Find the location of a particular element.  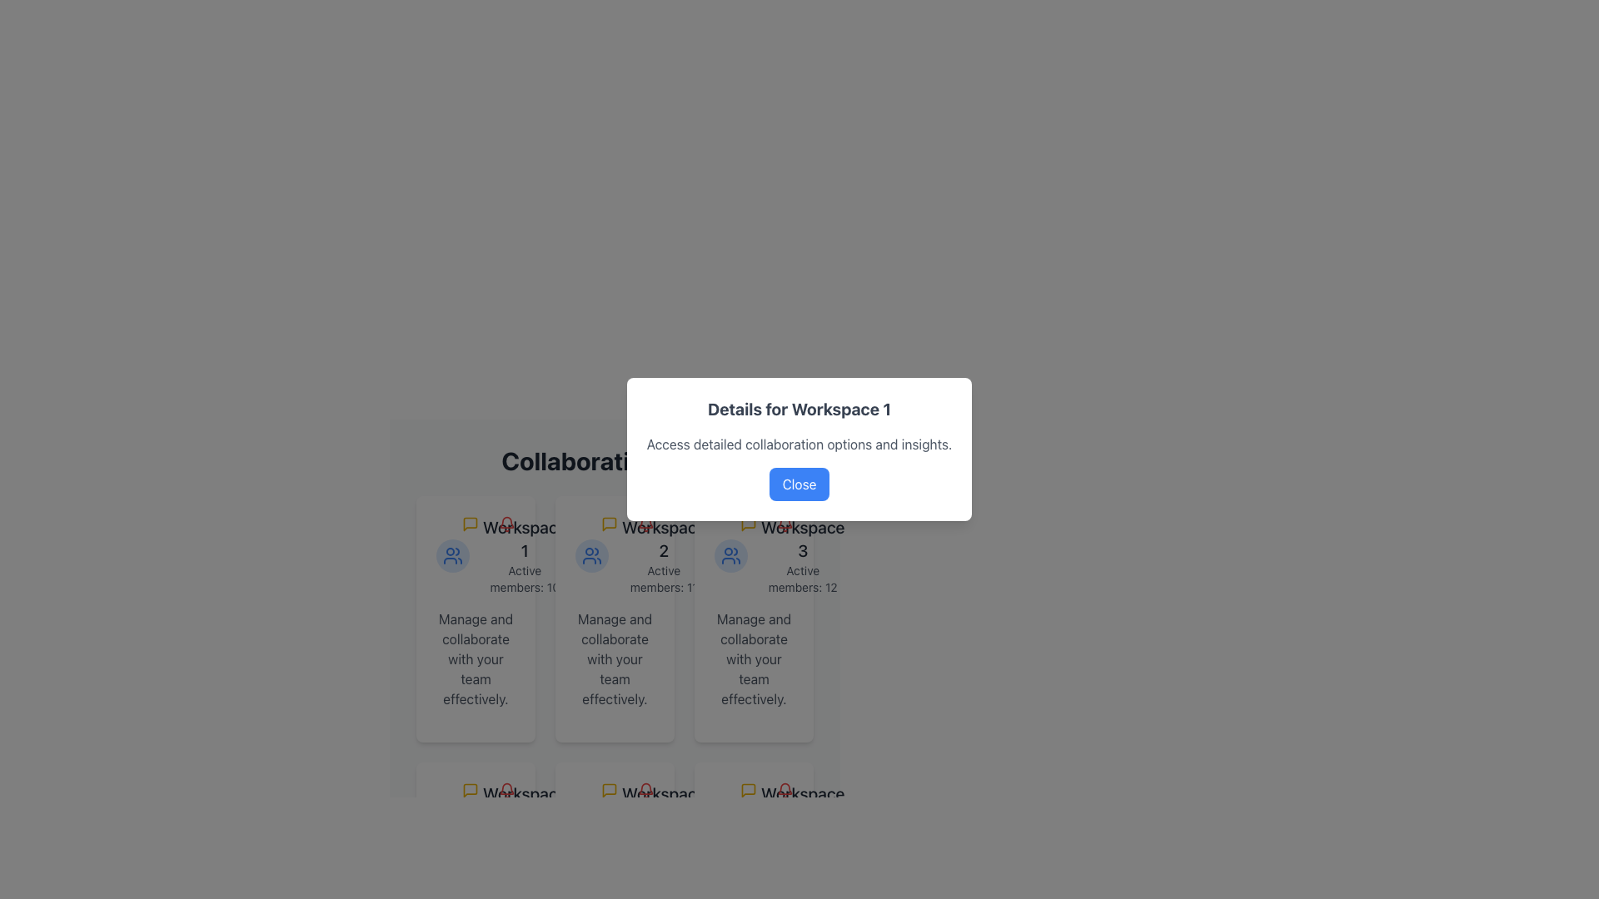

information displayed in the text element for 'Workspace 2', which shows its name and the number of active members is located at coordinates (663, 555).